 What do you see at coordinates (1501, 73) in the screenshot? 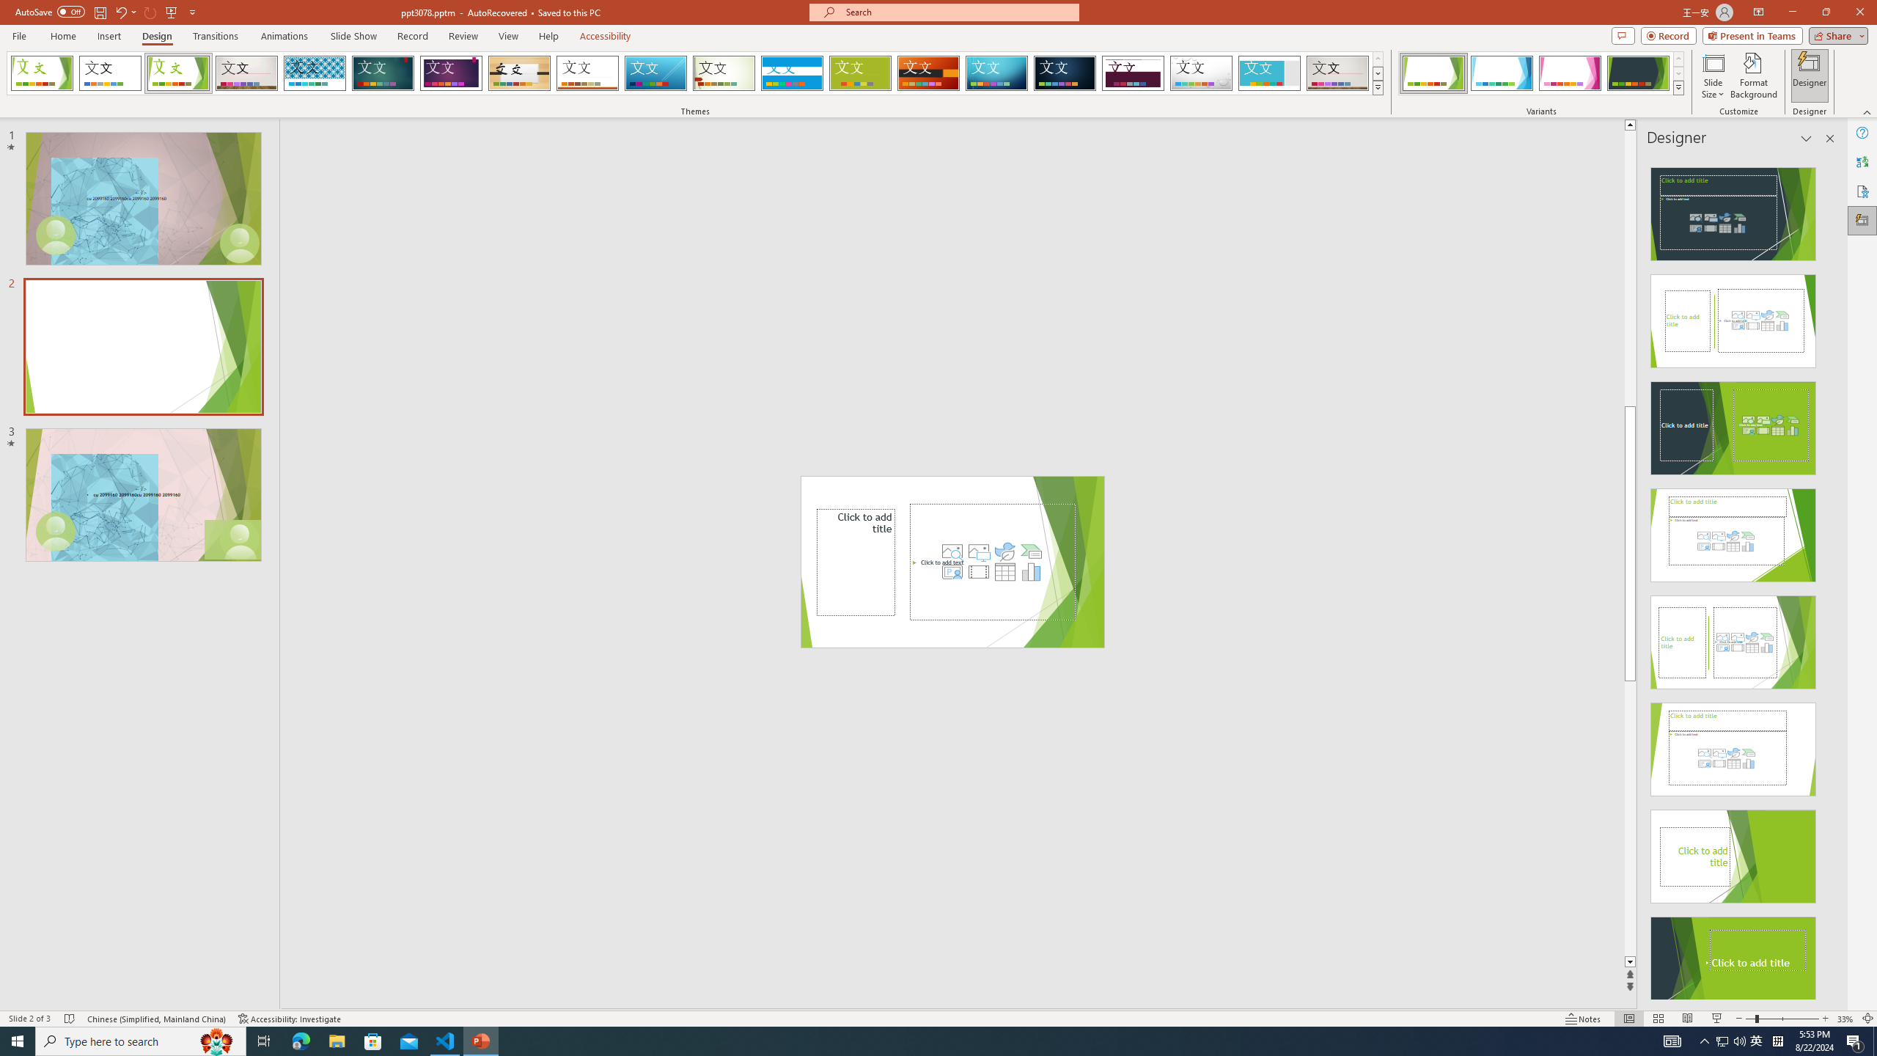
I see `'Facet Variant 2'` at bounding box center [1501, 73].